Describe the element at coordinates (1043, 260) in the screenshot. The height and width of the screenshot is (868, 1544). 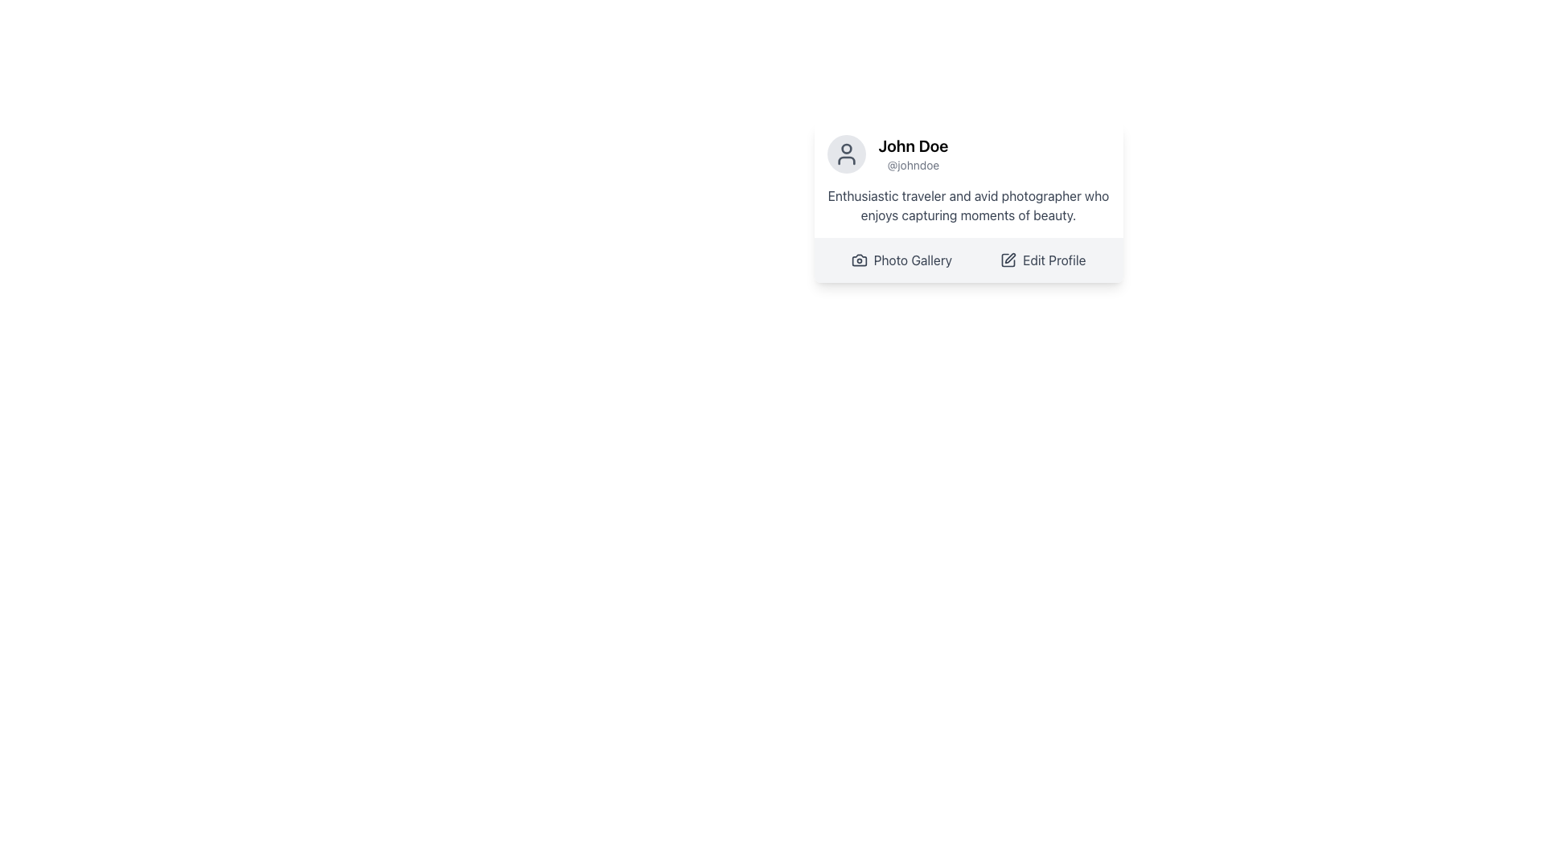
I see `the 'Edit Profile' button using keyboard navigation` at that location.